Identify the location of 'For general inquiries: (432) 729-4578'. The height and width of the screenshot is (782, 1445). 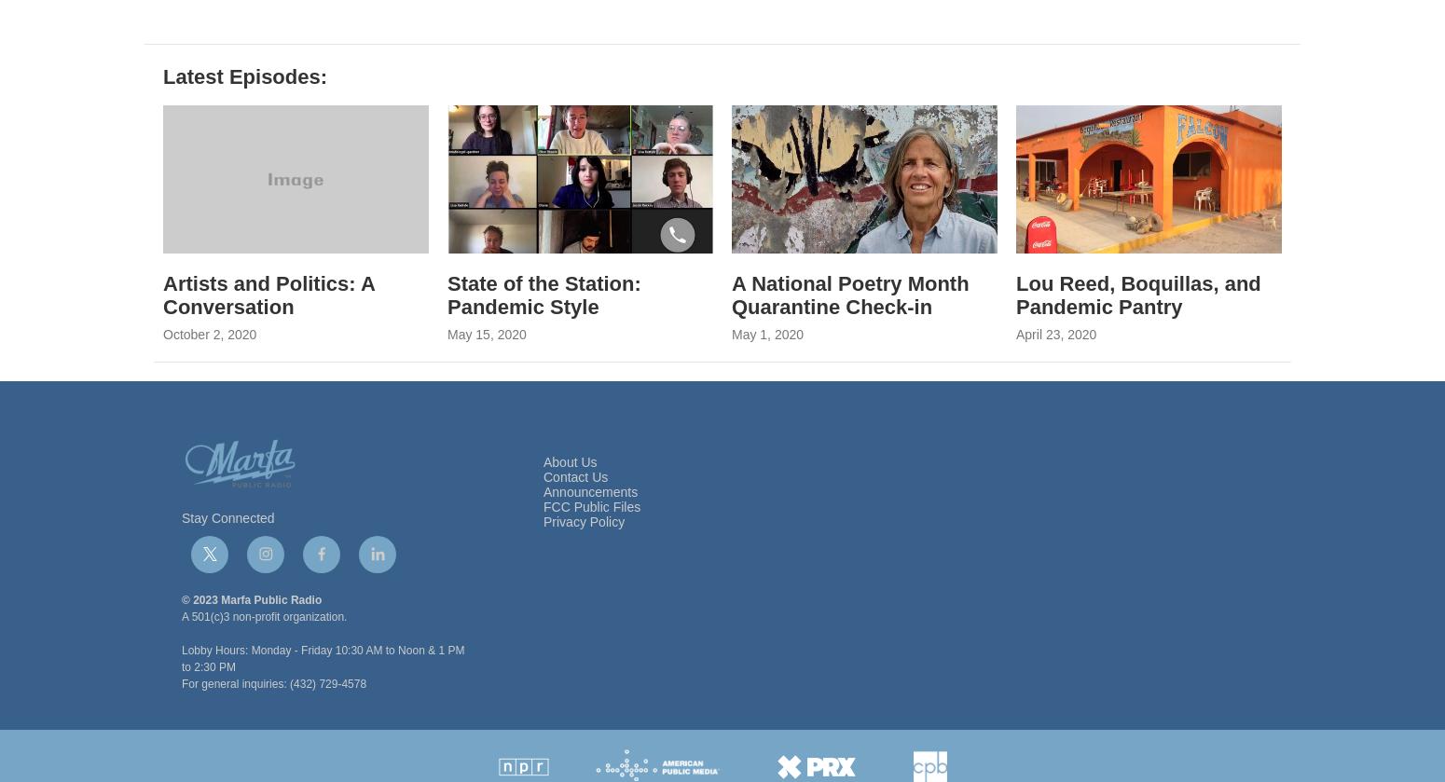
(274, 729).